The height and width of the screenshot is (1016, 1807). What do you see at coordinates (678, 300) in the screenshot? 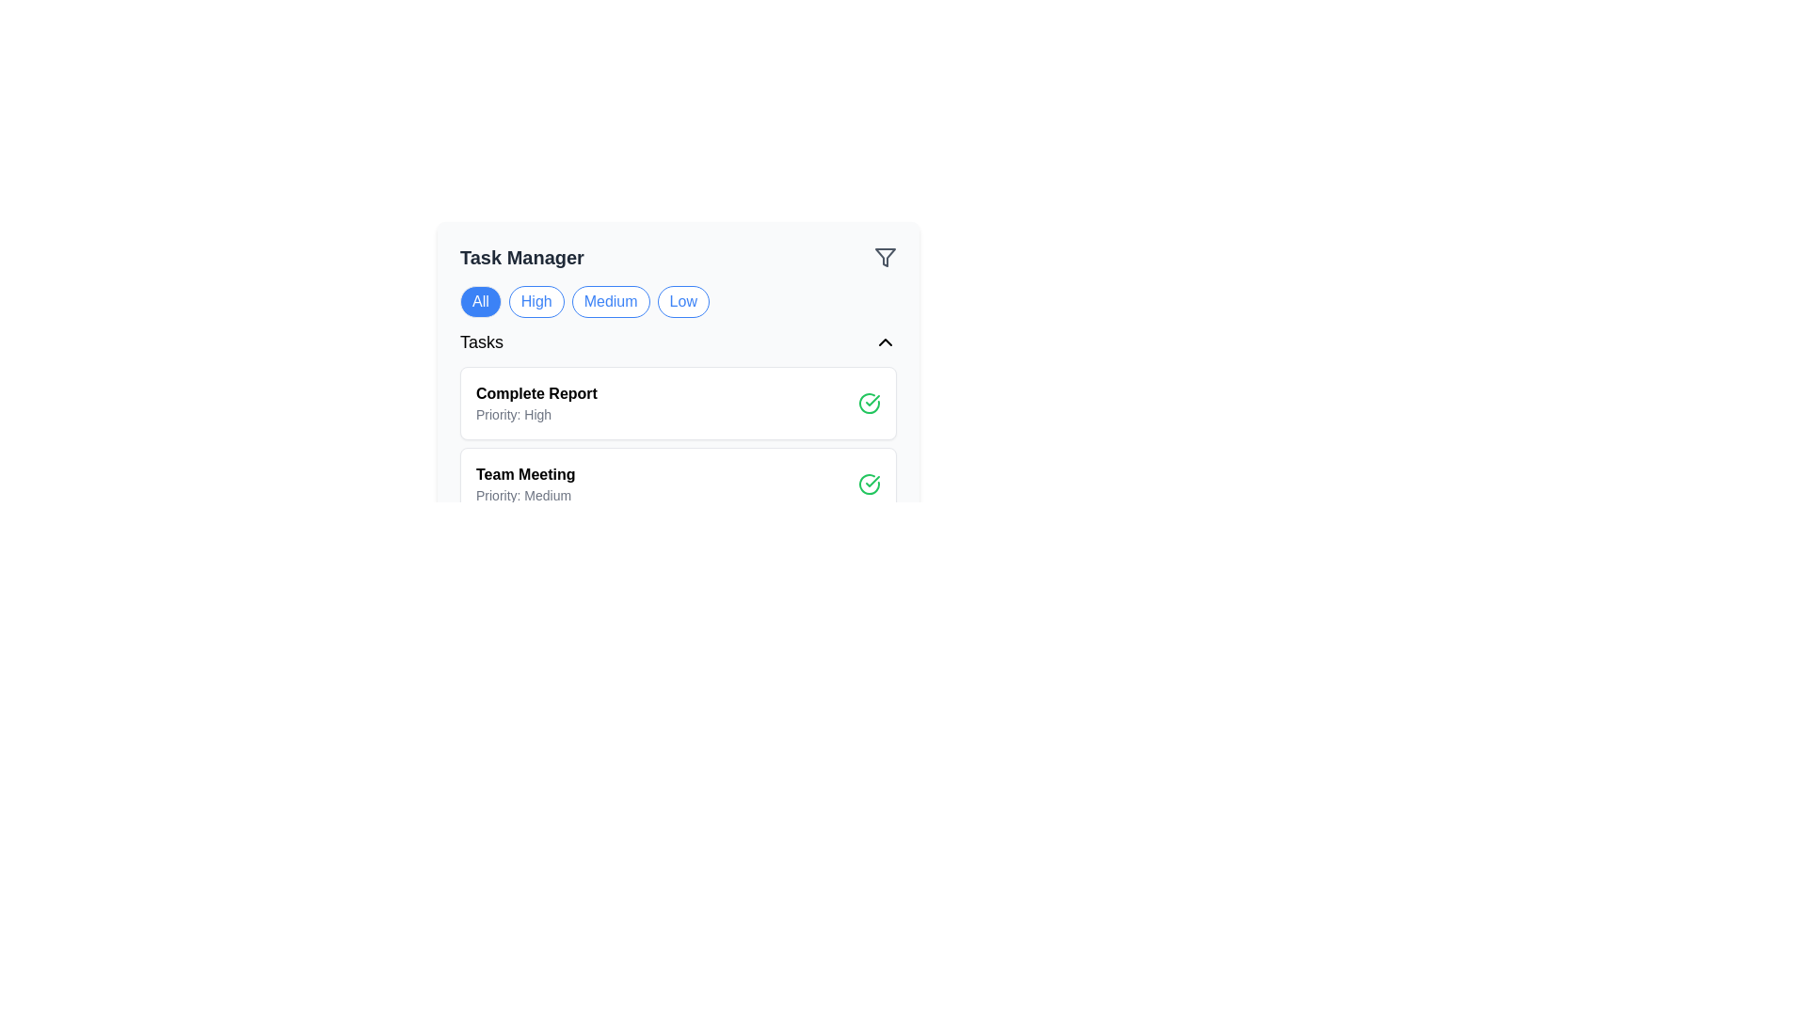
I see `the 'Low' button in the Horizontal filter button group located below the 'Task Manager' header to filter low-priority tasks` at bounding box center [678, 300].